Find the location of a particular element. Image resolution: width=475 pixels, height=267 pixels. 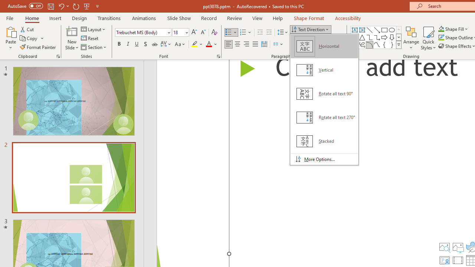

'Pictures' is located at coordinates (458, 247).